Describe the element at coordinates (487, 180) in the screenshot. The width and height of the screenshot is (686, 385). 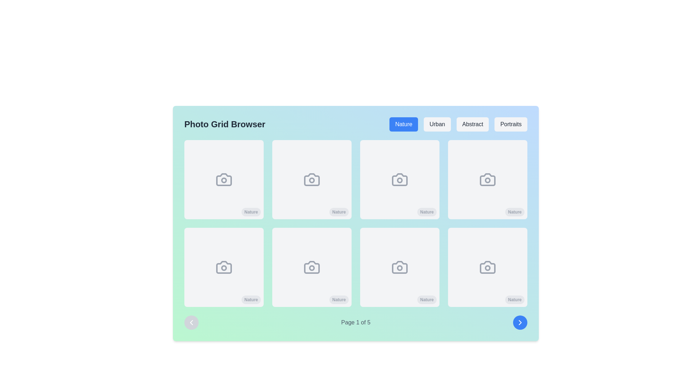
I see `the small circular SVG element that represents a part of a camera icon located in a grid of image placeholders, specifically the fourth item in the first row` at that location.